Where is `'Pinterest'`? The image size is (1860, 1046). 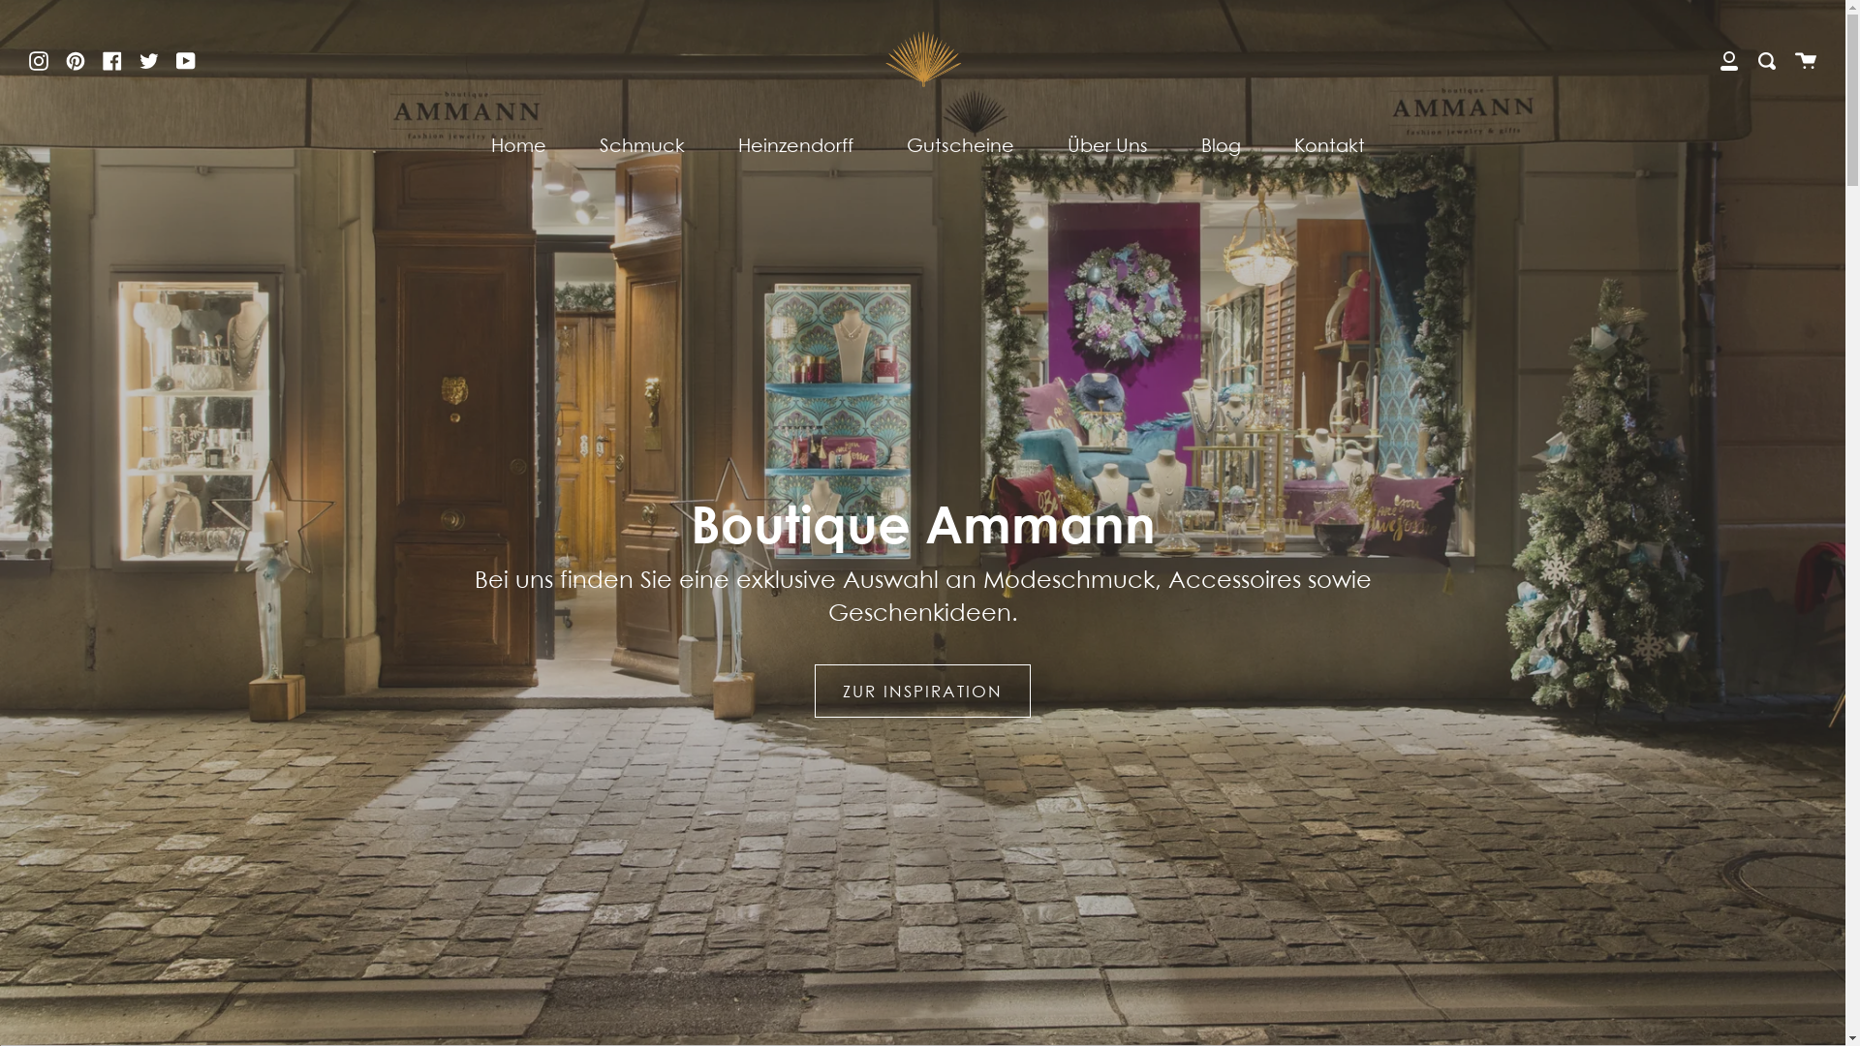
'Pinterest' is located at coordinates (75, 58).